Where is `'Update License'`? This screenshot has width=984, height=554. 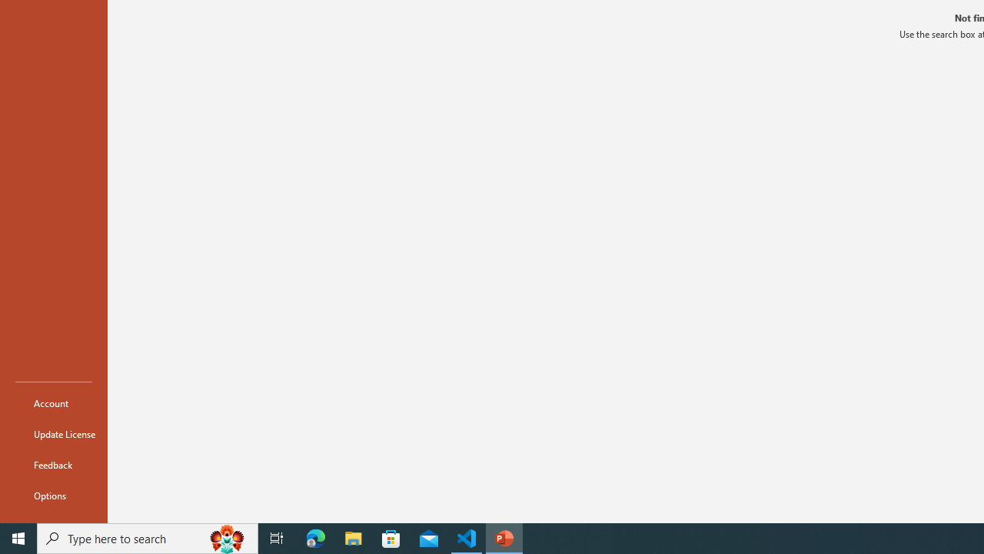 'Update License' is located at coordinates (53, 434).